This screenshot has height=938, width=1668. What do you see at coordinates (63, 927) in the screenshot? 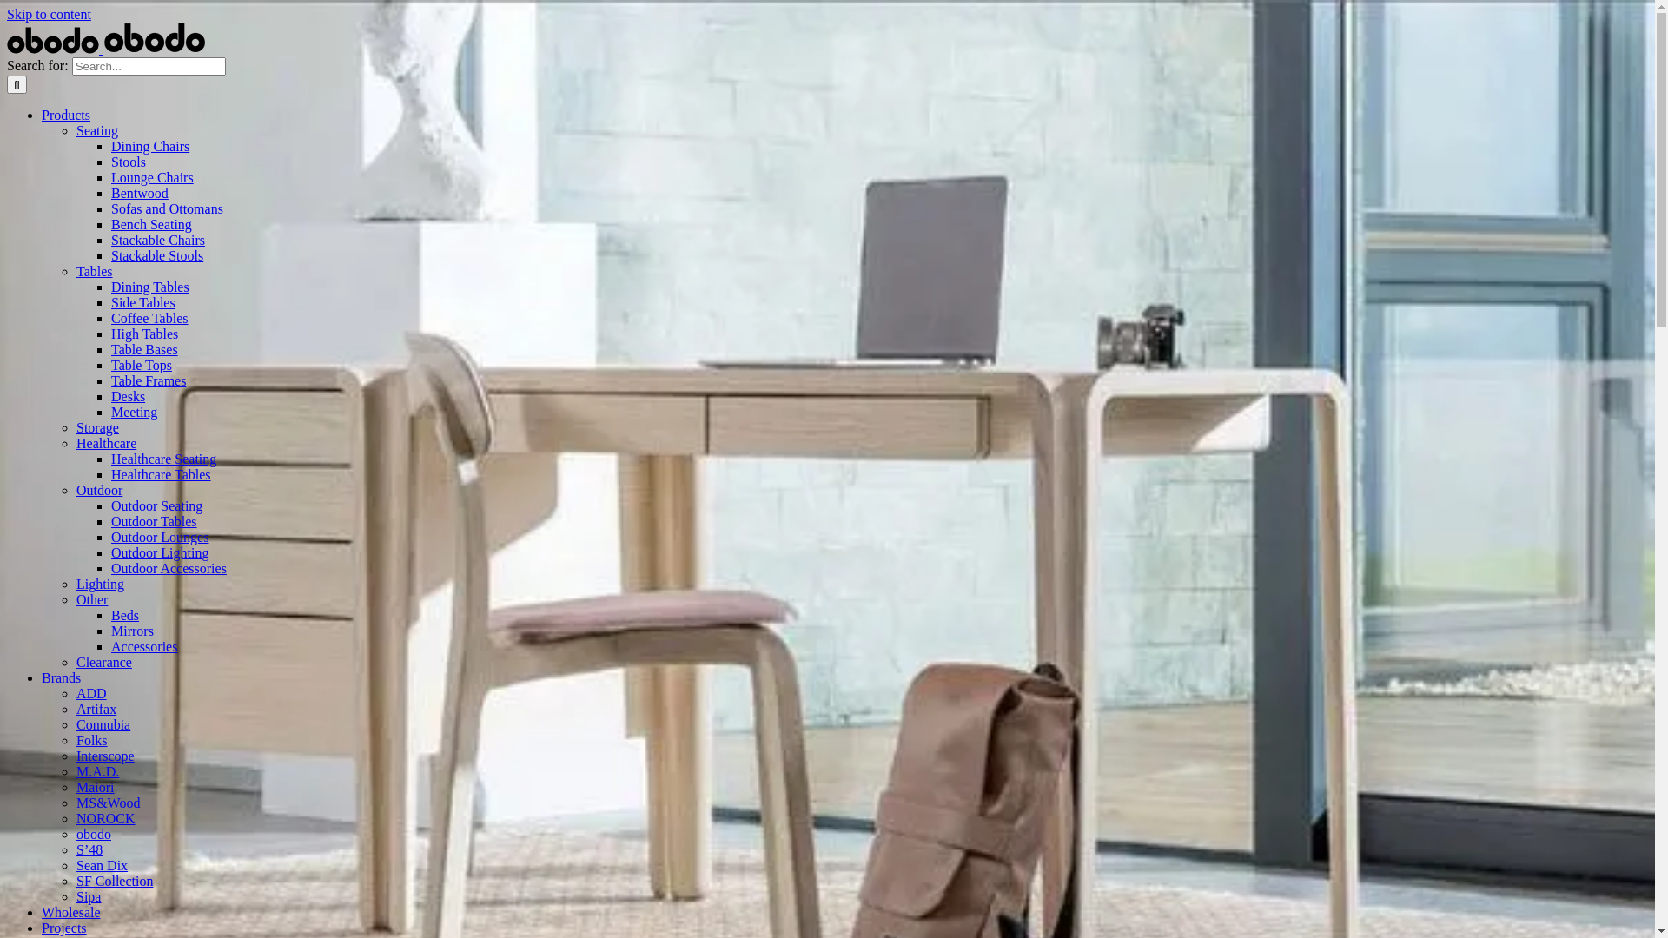
I see `'Projects'` at bounding box center [63, 927].